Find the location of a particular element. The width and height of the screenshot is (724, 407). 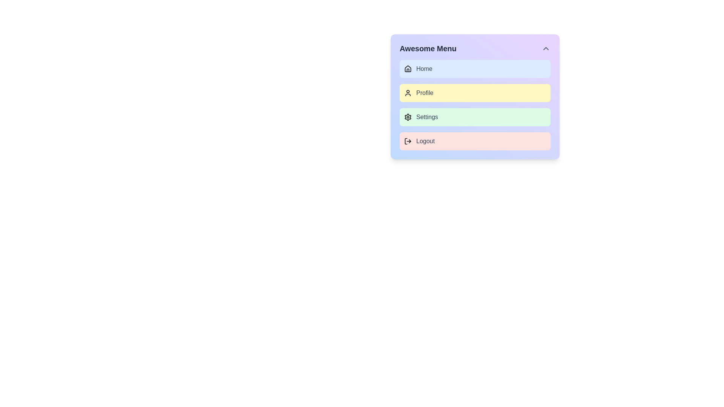

the 'Profile' option in the vertical menu under the title 'Awesome Menu' is located at coordinates (474, 105).